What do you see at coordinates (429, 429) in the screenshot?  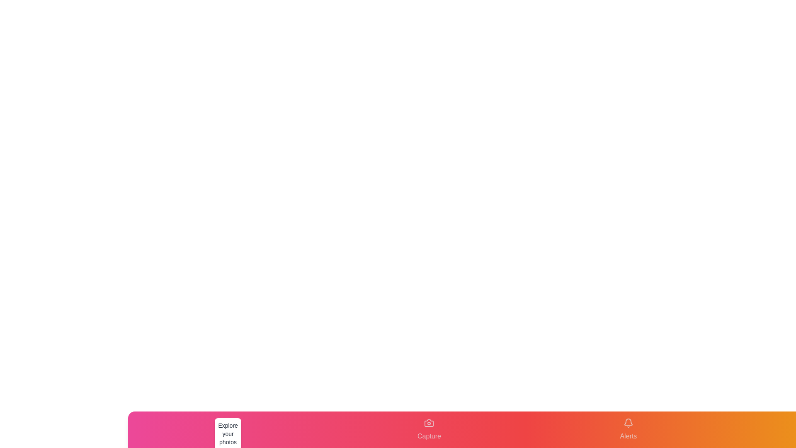 I see `the tab labeled Capture to observe the visual feedback` at bounding box center [429, 429].